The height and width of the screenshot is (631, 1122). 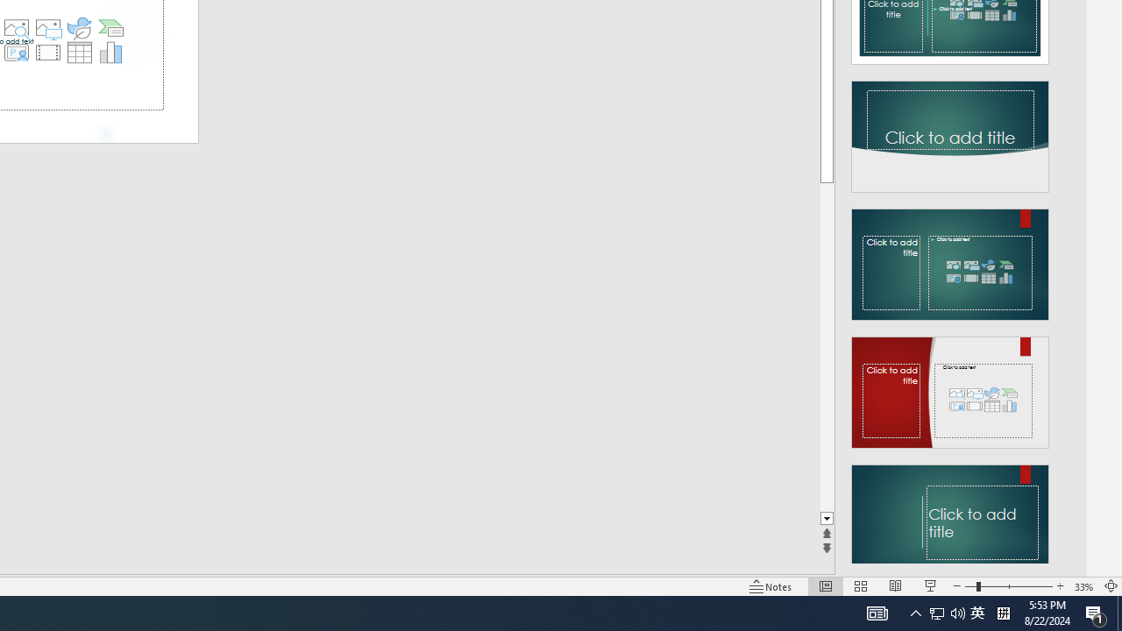 I want to click on 'Pictures', so click(x=47, y=28).